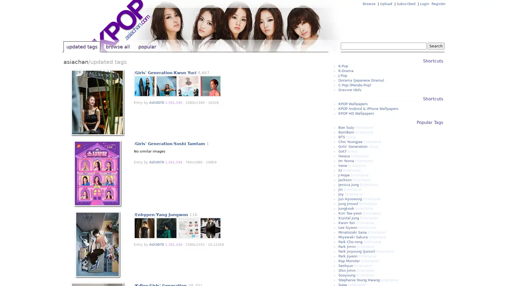 Image resolution: width=508 pixels, height=286 pixels. What do you see at coordinates (436, 46) in the screenshot?
I see `Search` at bounding box center [436, 46].